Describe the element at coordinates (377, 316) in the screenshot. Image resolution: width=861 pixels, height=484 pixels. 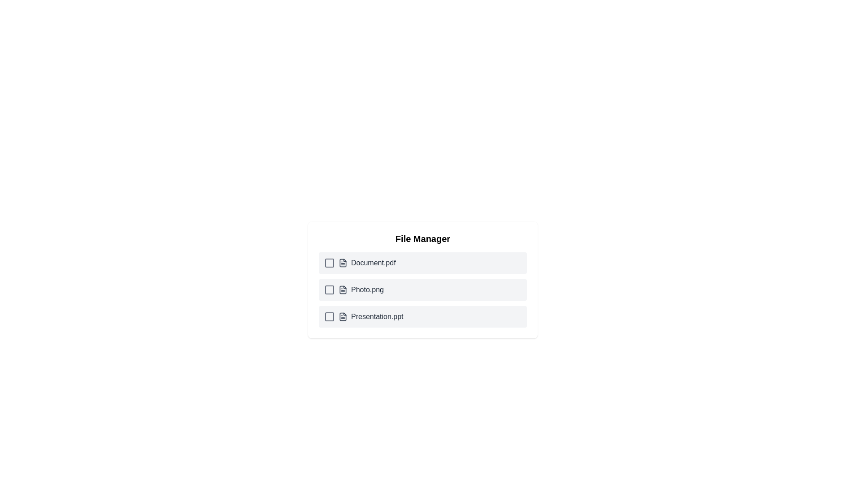
I see `the text label representing the file name 'Presentation.ppt' in the file manager interface` at that location.